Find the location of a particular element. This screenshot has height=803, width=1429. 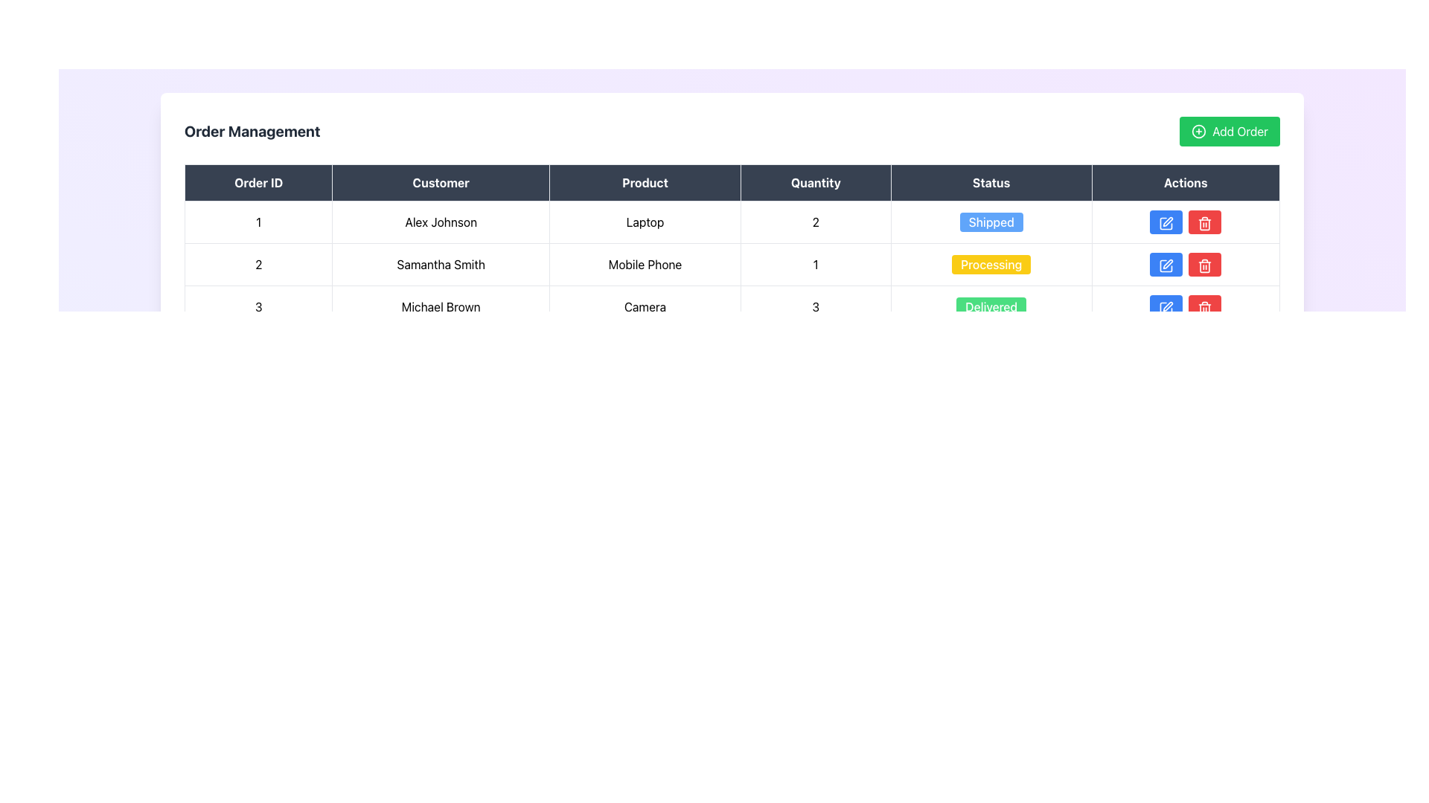

the icon located on the left side of the 'Add Order' button is located at coordinates (1199, 131).